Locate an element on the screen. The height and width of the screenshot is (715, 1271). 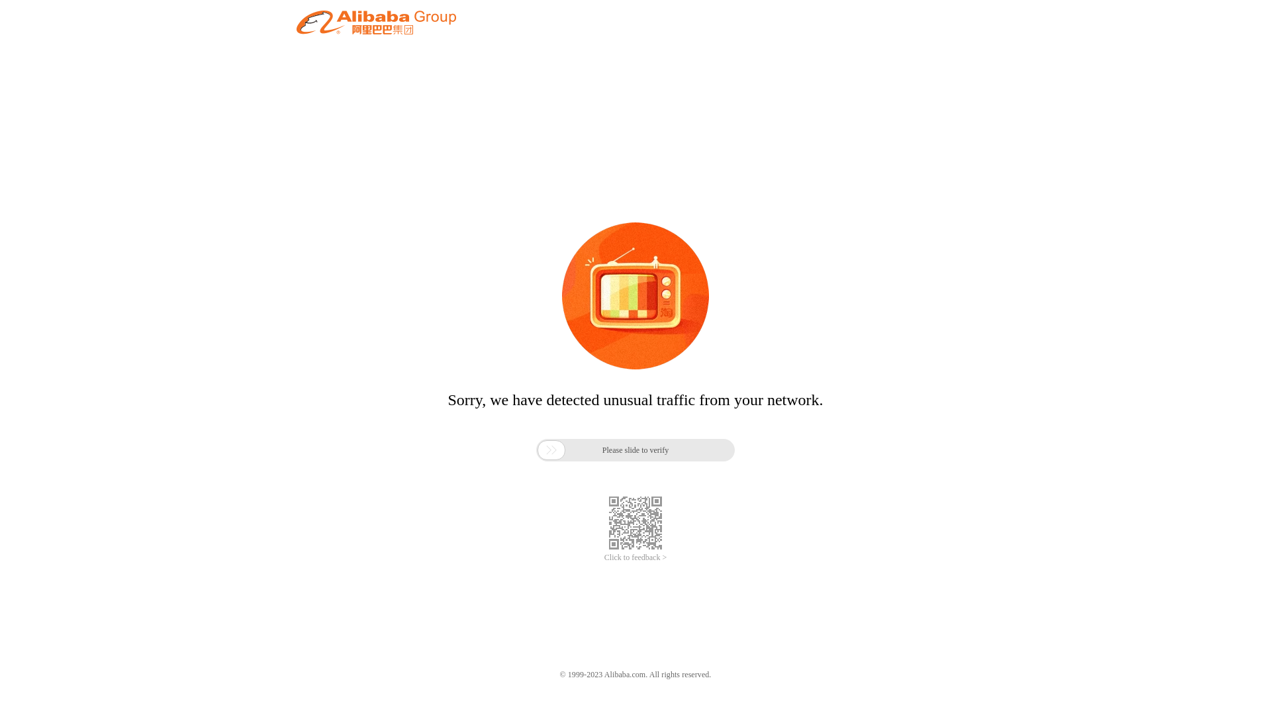
'Click to feedback >' is located at coordinates (635, 557).